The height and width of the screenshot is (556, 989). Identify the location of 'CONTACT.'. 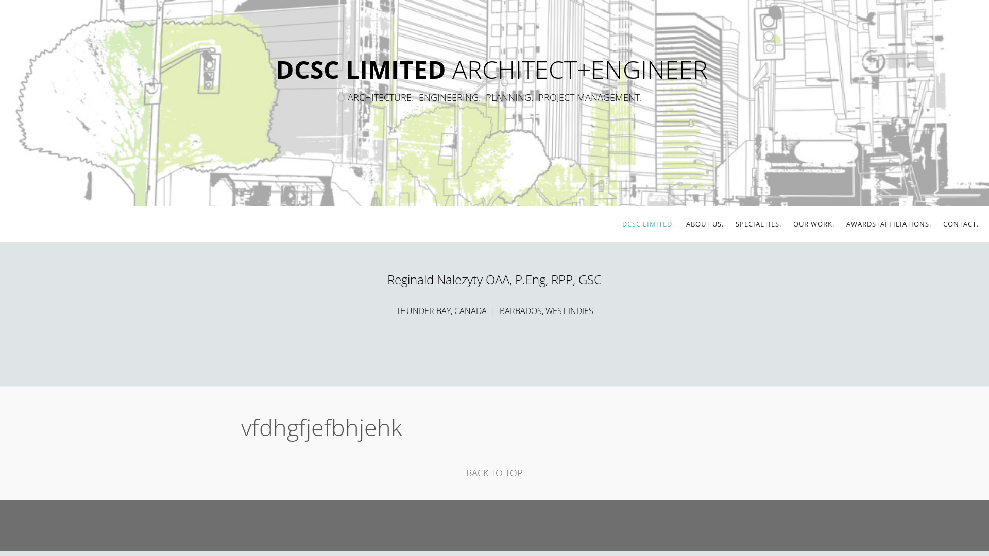
(943, 223).